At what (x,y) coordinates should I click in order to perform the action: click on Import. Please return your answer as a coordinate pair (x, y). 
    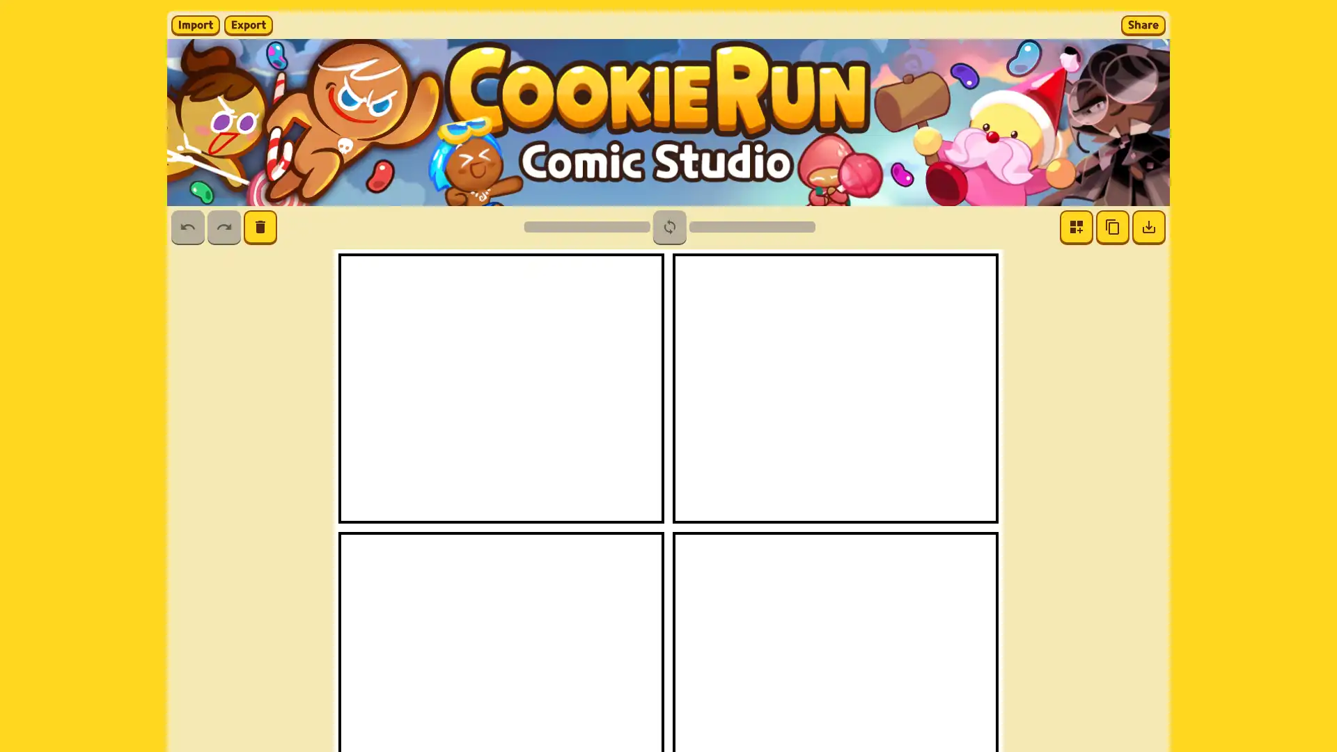
    Looking at the image, I should click on (195, 24).